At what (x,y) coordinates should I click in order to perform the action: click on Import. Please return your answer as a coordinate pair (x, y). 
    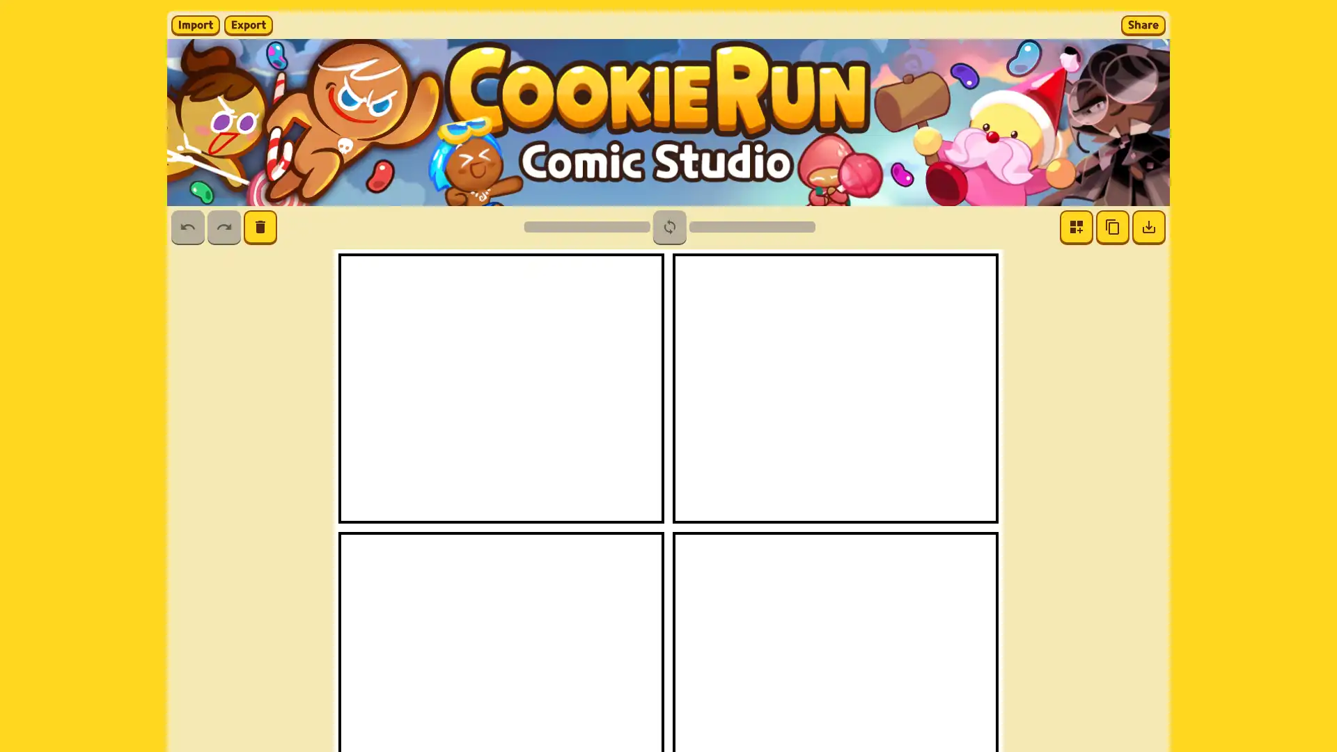
    Looking at the image, I should click on (195, 24).